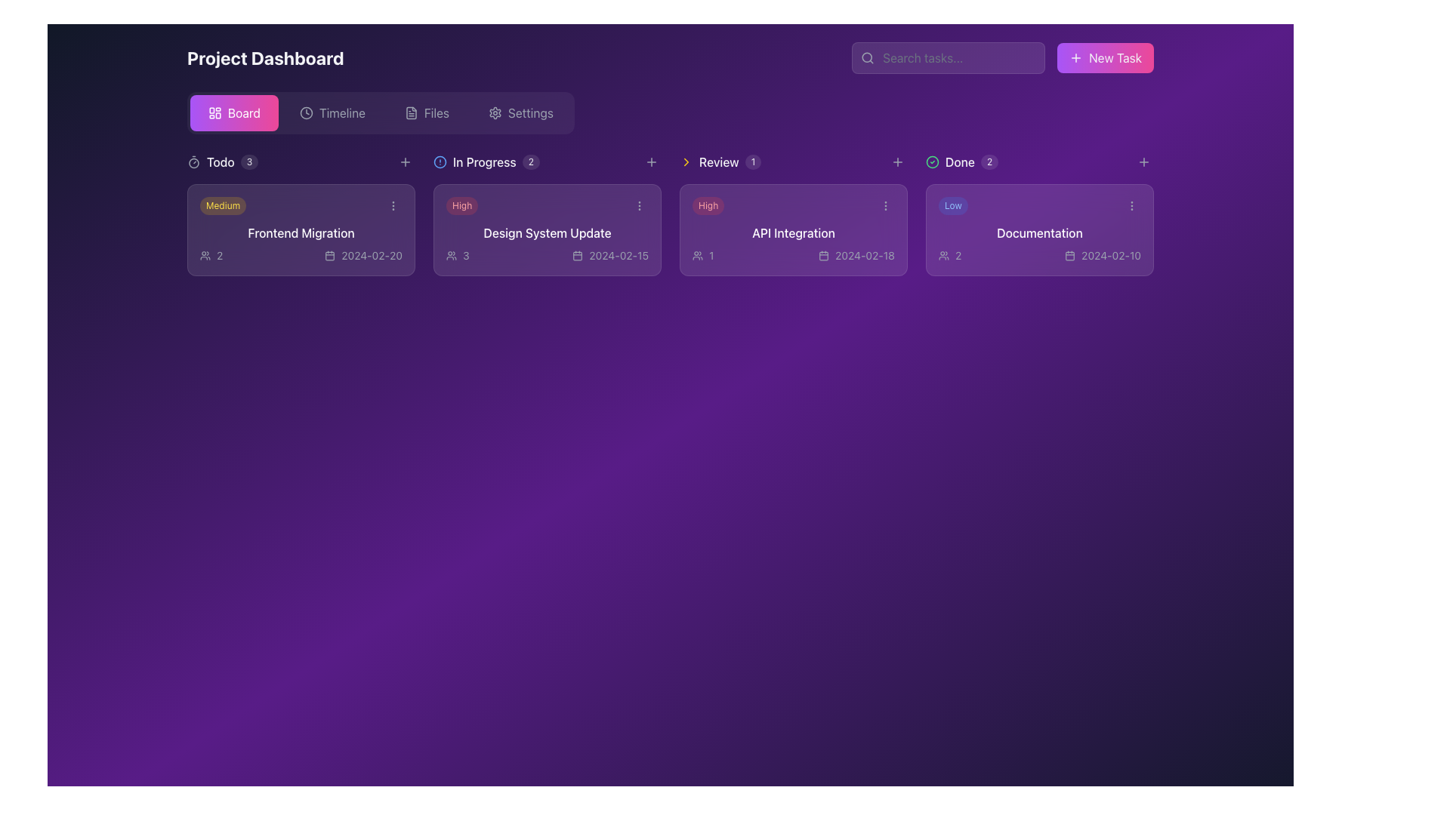 The width and height of the screenshot is (1450, 815). I want to click on date value displayed on the combination of an icon and a date label located in the second card of the 'In Progress' section, below the text 'Design System Update', so click(610, 255).